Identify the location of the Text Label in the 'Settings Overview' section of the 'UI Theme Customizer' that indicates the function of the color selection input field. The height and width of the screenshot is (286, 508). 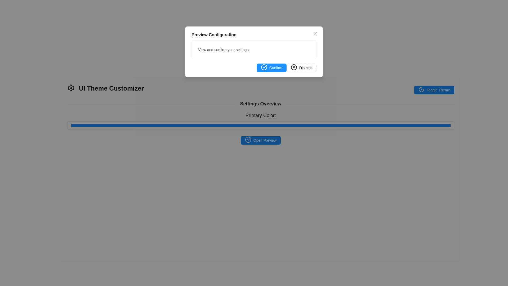
(261, 115).